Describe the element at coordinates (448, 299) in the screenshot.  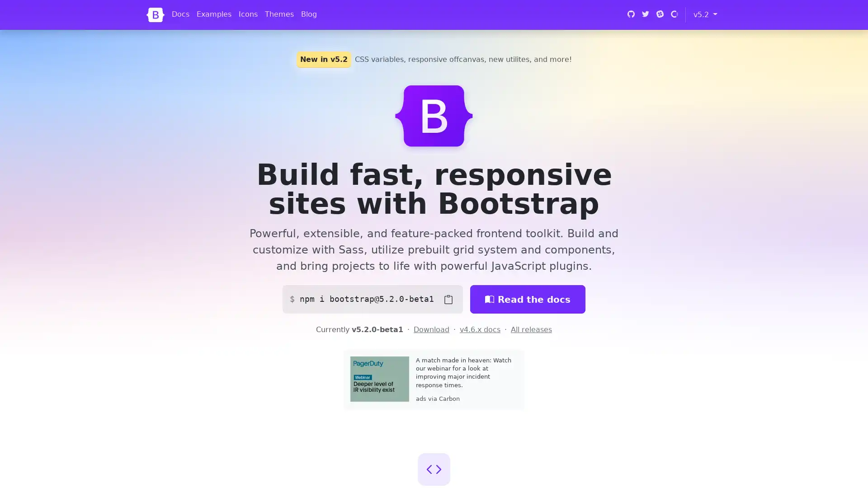
I see `Copy` at that location.